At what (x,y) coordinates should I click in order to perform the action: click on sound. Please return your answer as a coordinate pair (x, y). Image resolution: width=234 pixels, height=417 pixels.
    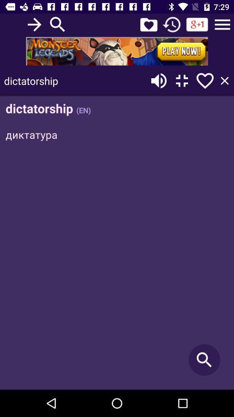
    Looking at the image, I should click on (158, 80).